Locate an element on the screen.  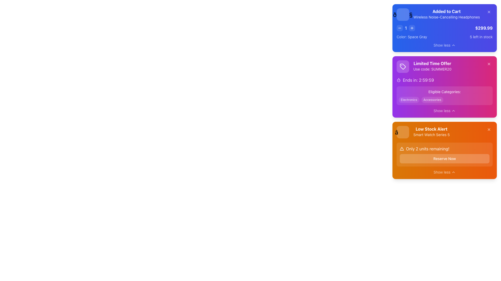
the 'Show less' button with an upward chevron icon to change the text color from semi-transparent white to solid white is located at coordinates (444, 45).